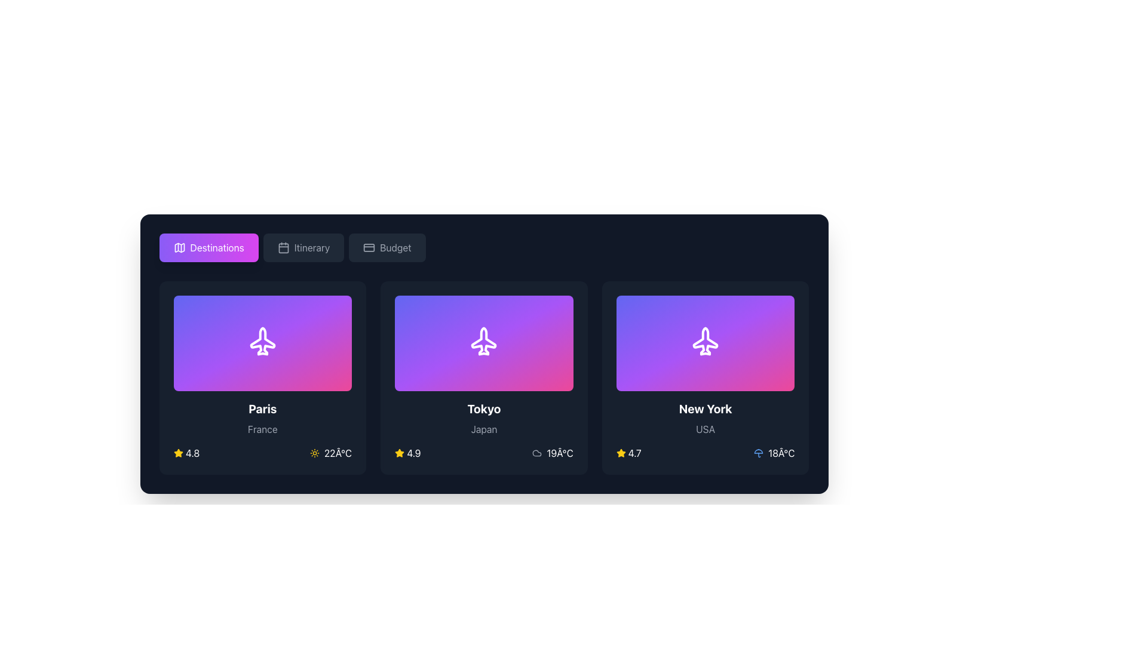  What do you see at coordinates (706, 408) in the screenshot?
I see `the text label indicating the destination 'New York', which is the title of the third card in a grid layout, located beneath a colorful gradient background with an airplane icon` at bounding box center [706, 408].